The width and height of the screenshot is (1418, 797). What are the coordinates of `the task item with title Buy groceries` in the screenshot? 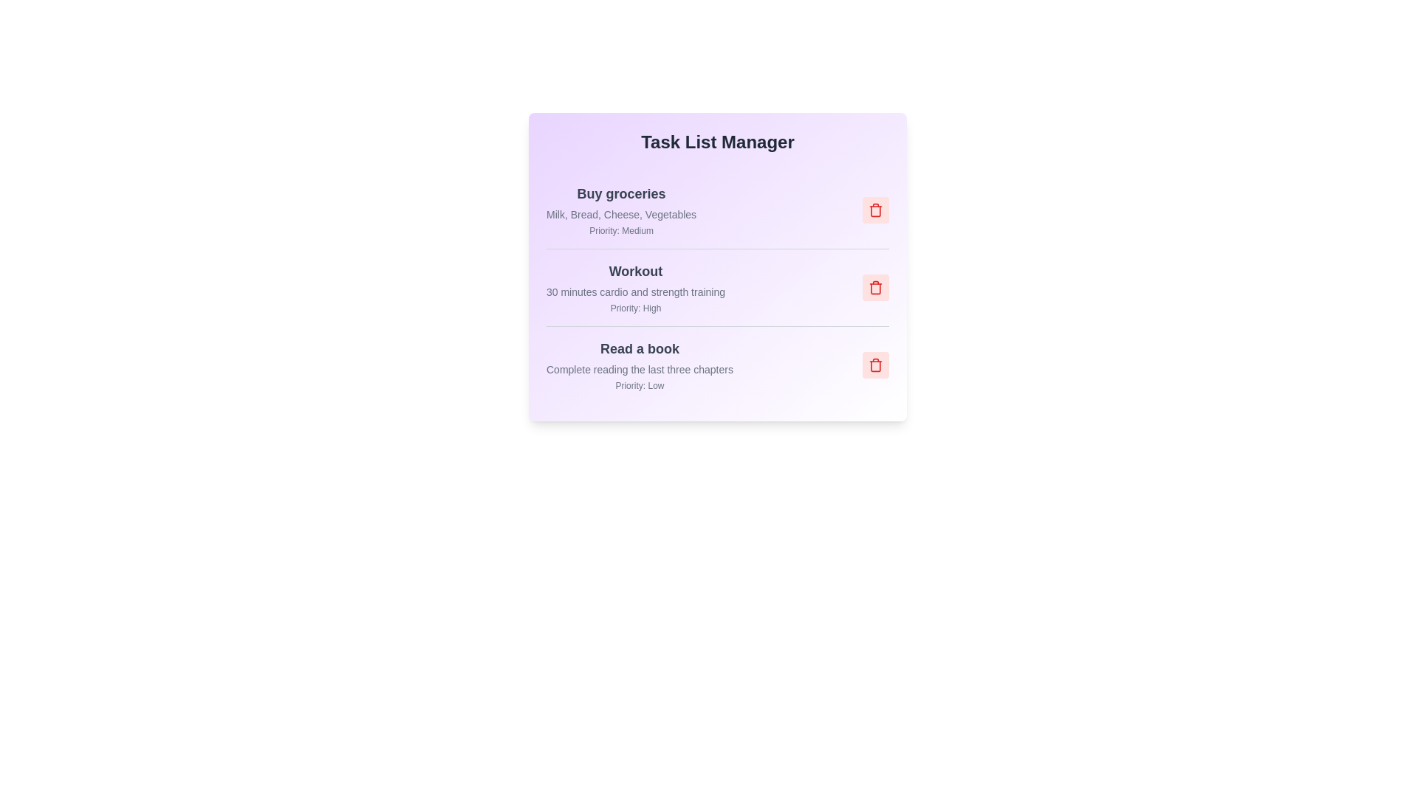 It's located at (621, 193).